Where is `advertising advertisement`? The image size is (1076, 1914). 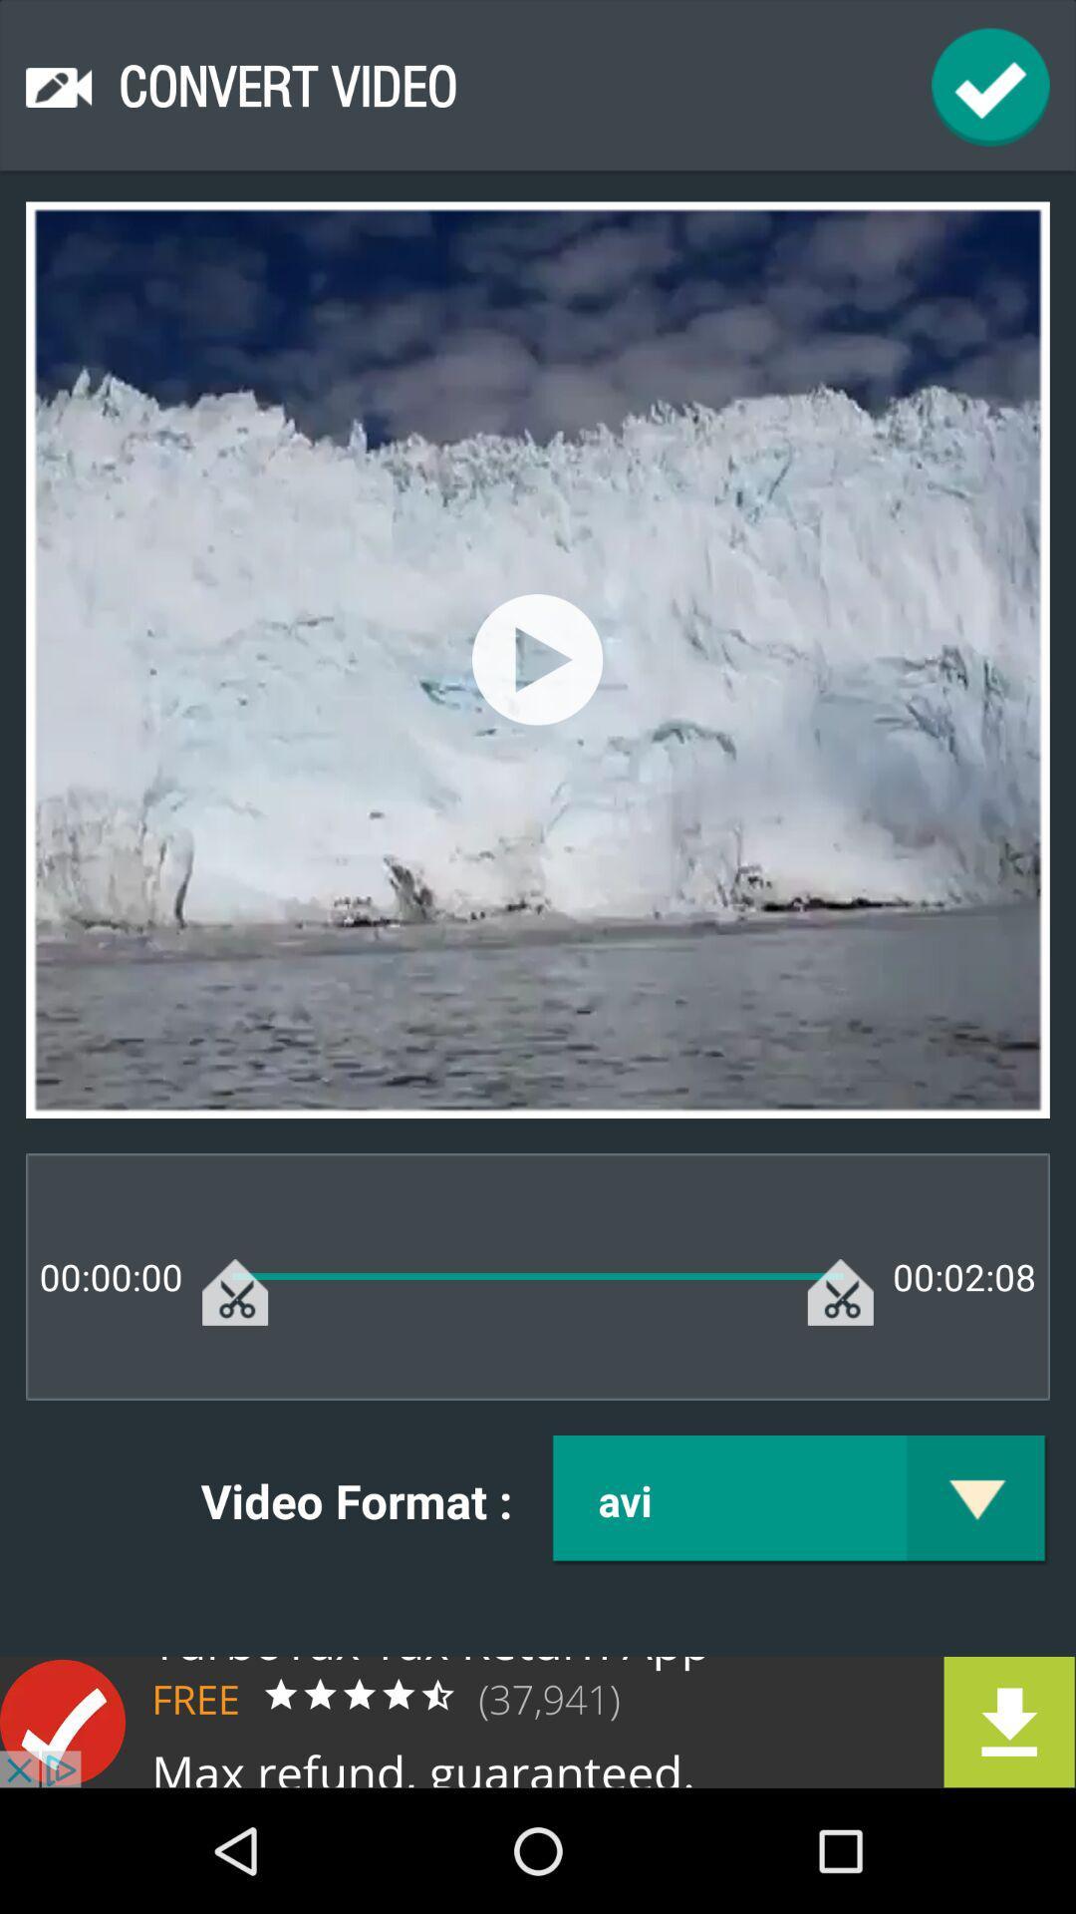
advertising advertisement is located at coordinates (538, 1721).